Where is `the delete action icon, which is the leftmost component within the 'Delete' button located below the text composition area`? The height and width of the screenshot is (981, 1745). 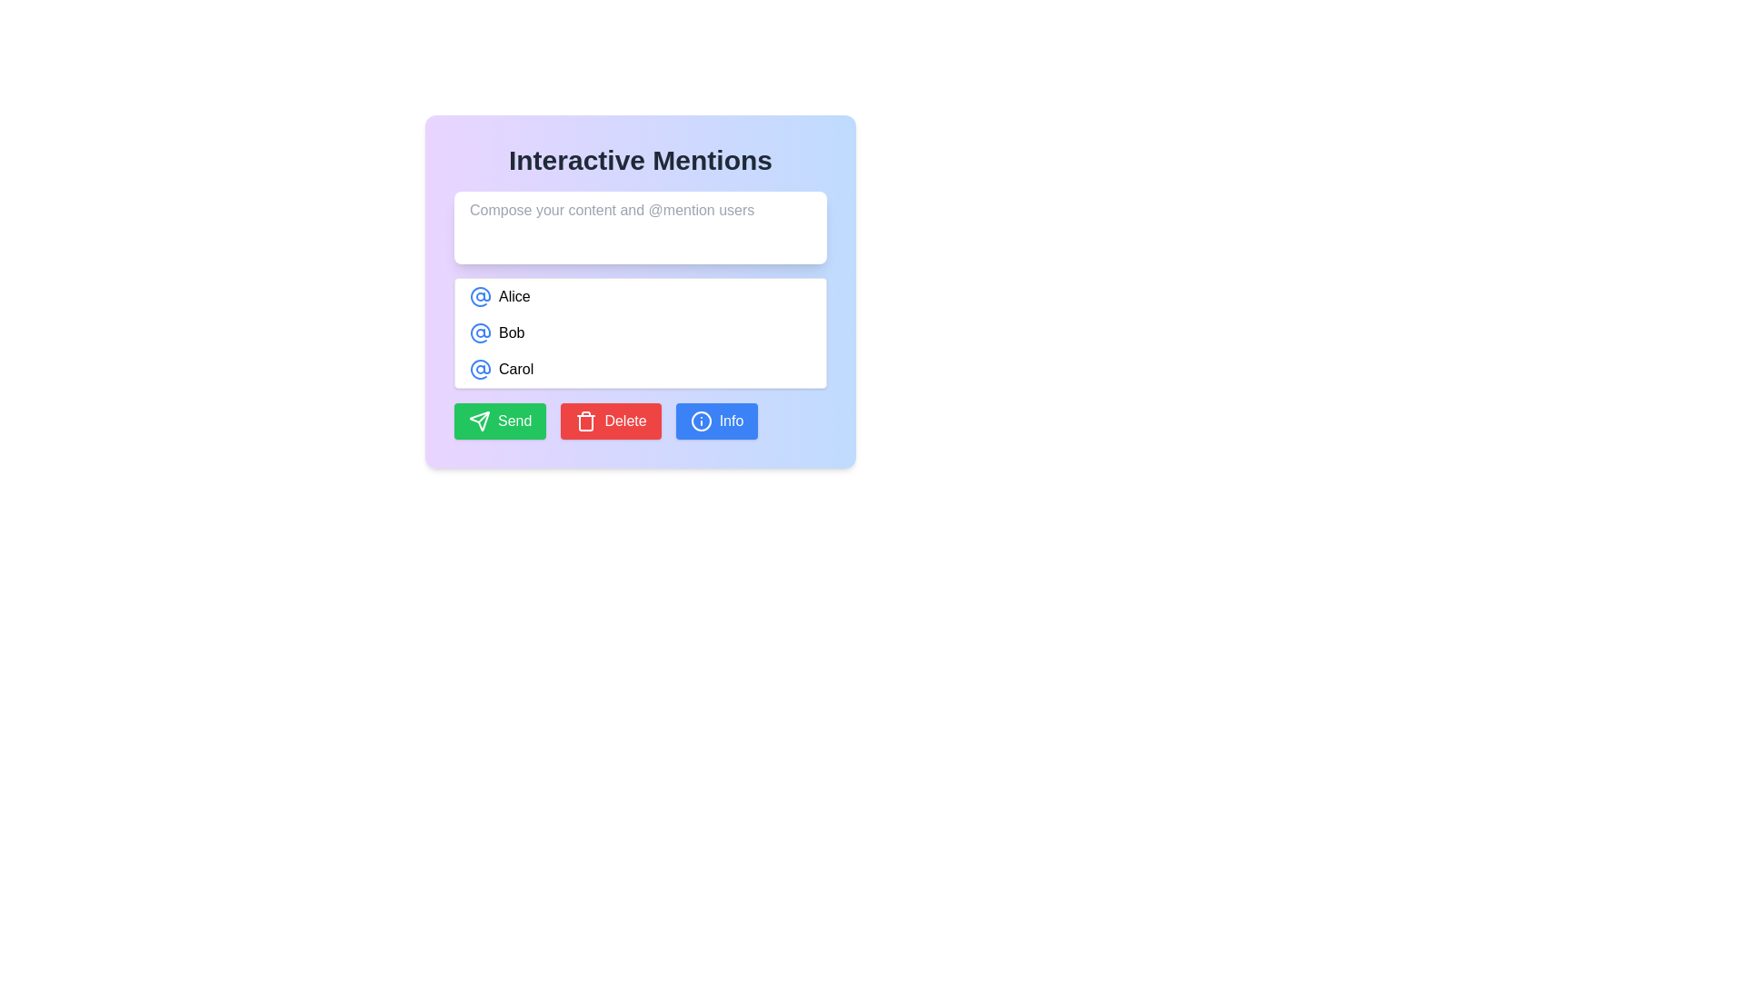 the delete action icon, which is the leftmost component within the 'Delete' button located below the text composition area is located at coordinates (586, 421).